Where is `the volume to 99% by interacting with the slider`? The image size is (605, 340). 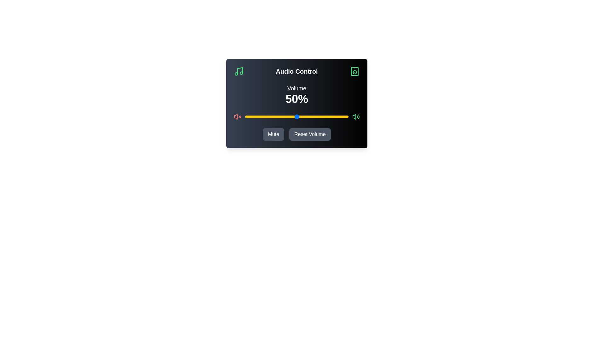 the volume to 99% by interacting with the slider is located at coordinates (347, 116).